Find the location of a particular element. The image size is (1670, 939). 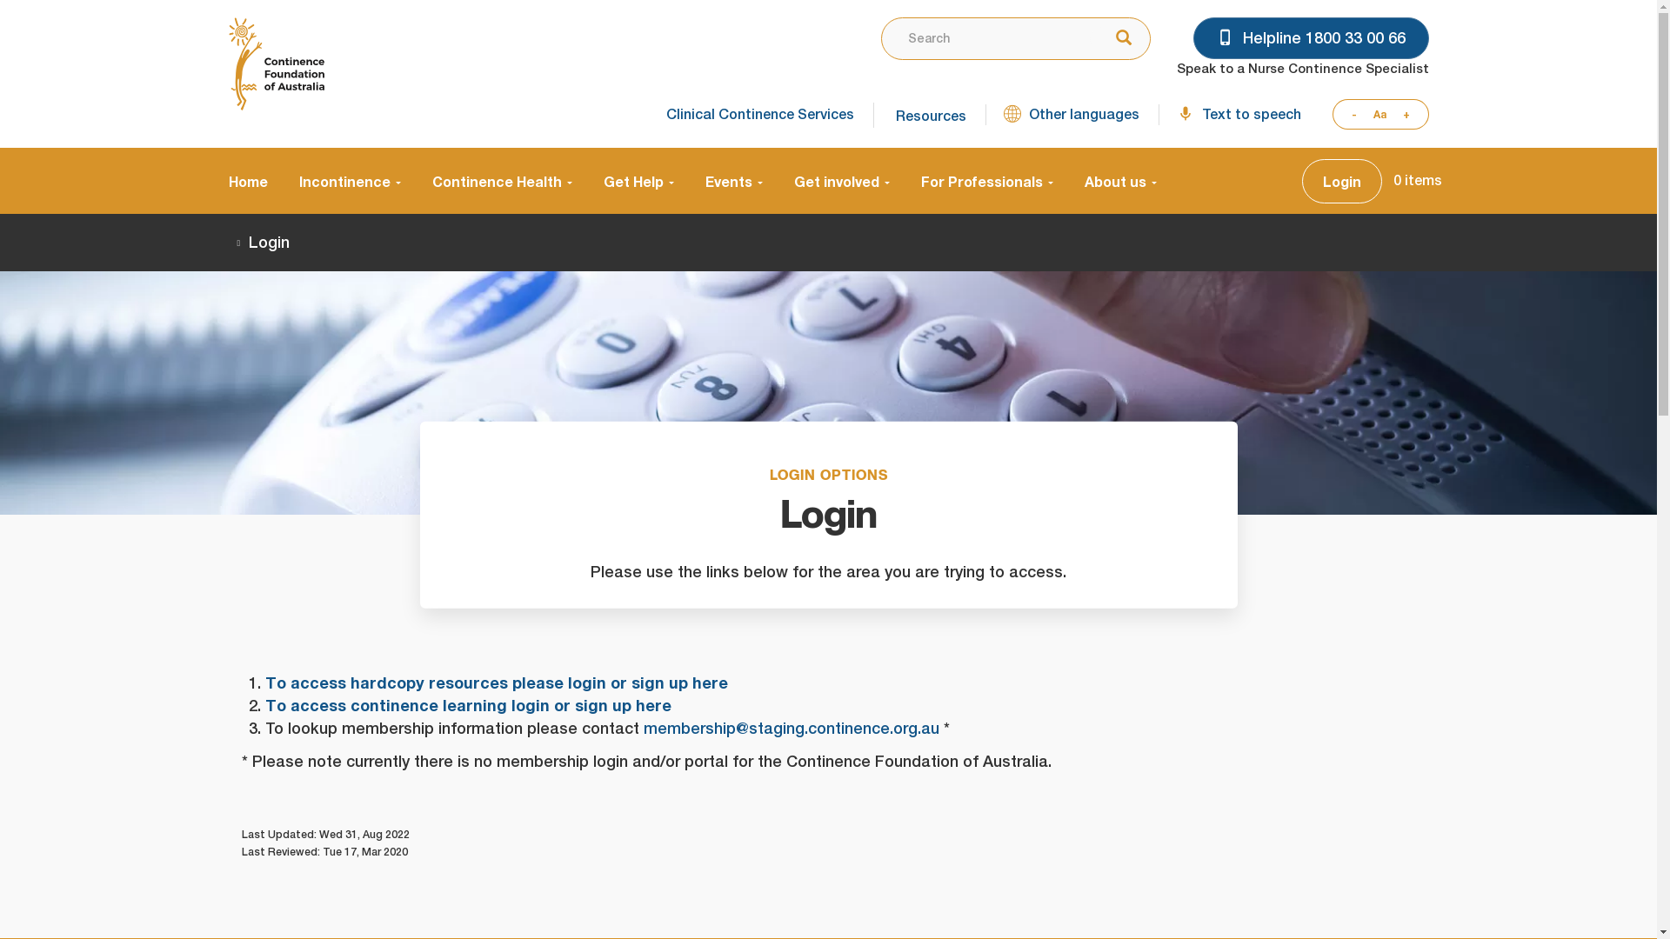

'membership@staging.continence.org.au' is located at coordinates (791, 728).